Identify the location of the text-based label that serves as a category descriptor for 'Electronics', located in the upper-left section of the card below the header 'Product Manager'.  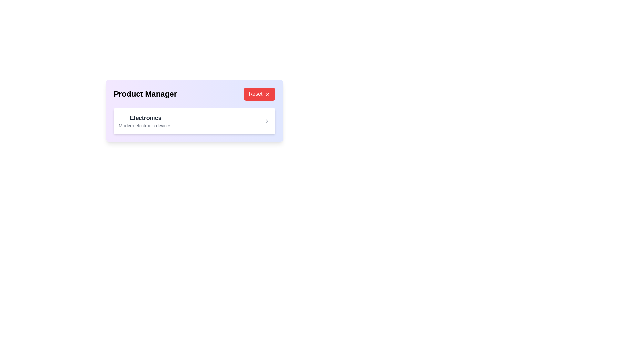
(145, 121).